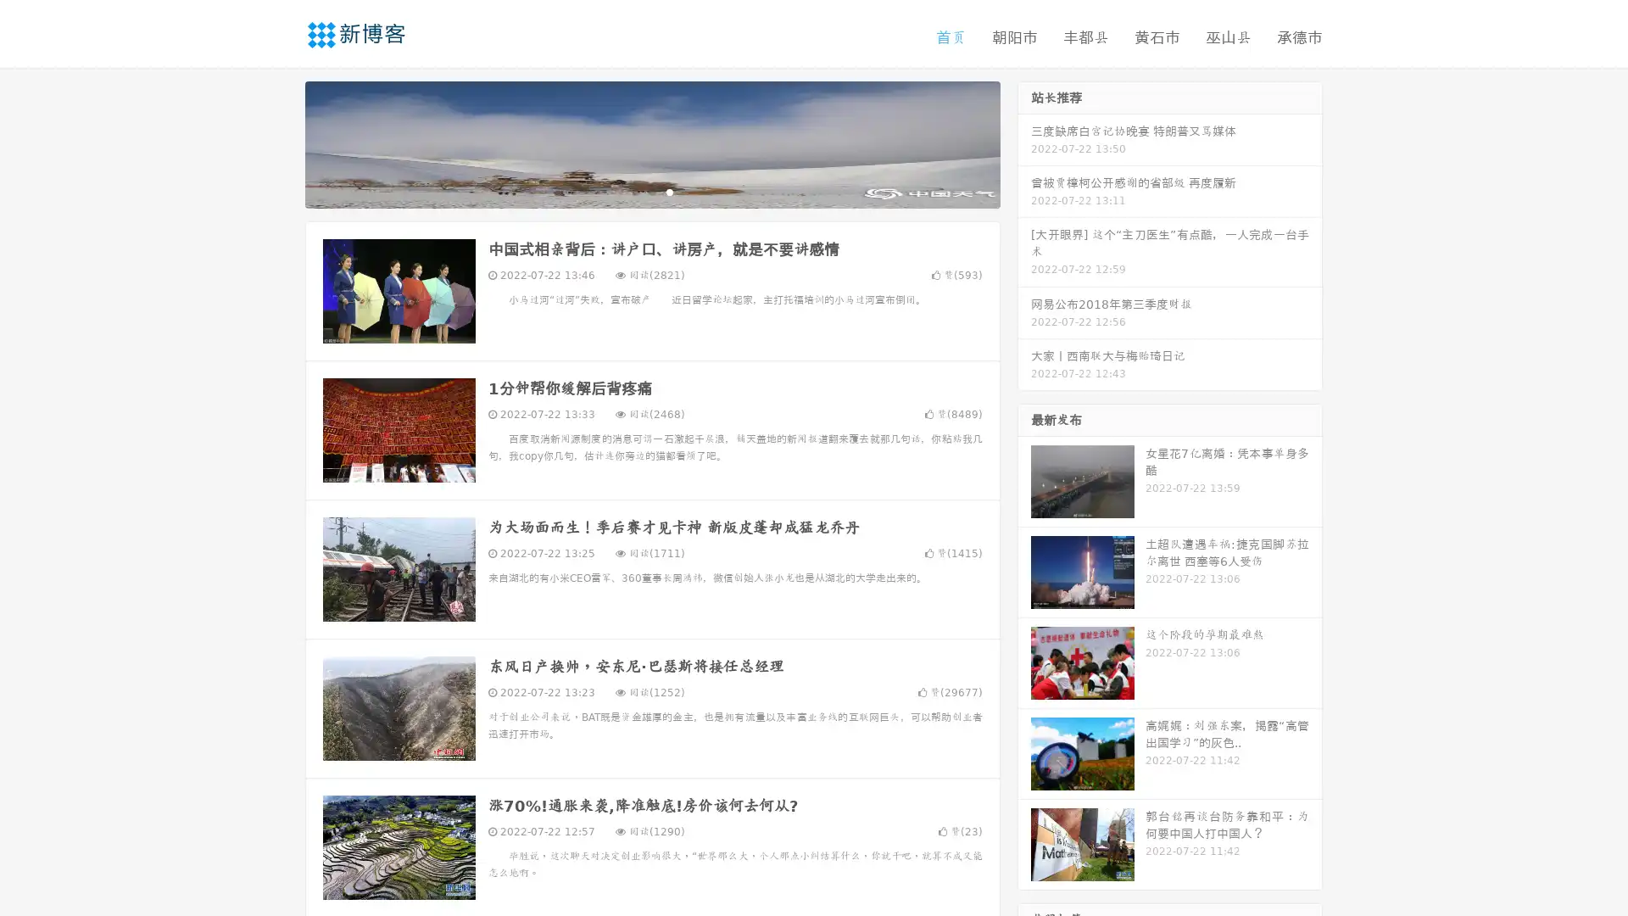 This screenshot has height=916, width=1628. I want to click on Go to slide 3, so click(669, 191).